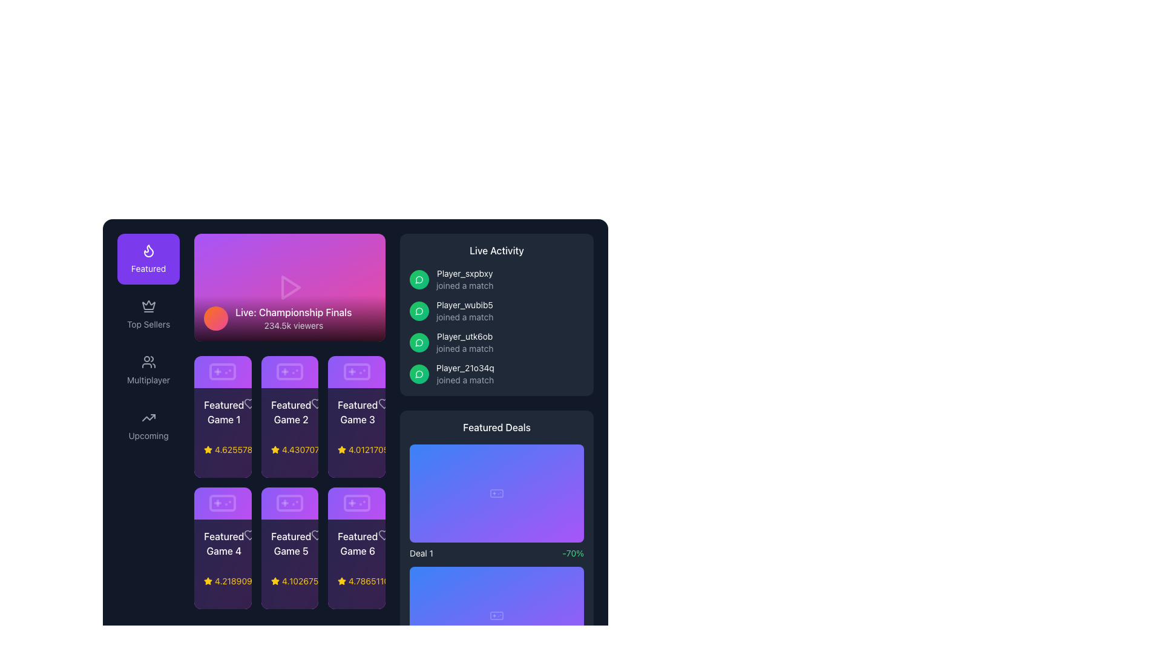 Image resolution: width=1162 pixels, height=654 pixels. I want to click on the text label displaying 'Player_wubib5', so click(464, 305).